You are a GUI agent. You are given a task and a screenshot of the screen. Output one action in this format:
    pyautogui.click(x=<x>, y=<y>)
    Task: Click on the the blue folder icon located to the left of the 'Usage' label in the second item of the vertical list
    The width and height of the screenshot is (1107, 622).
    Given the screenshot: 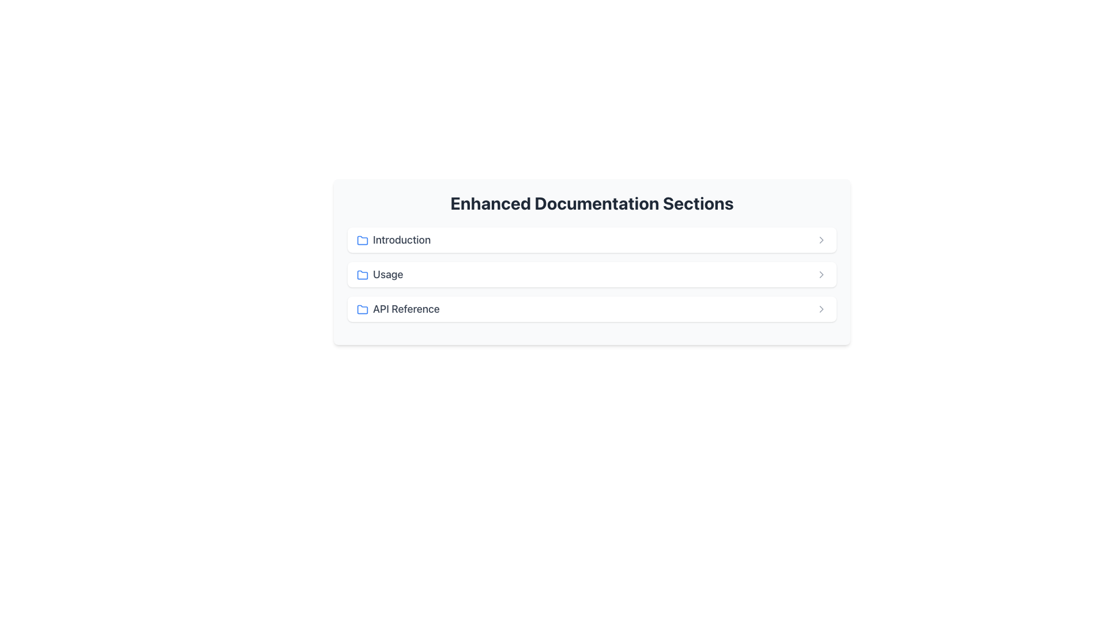 What is the action you would take?
    pyautogui.click(x=362, y=275)
    